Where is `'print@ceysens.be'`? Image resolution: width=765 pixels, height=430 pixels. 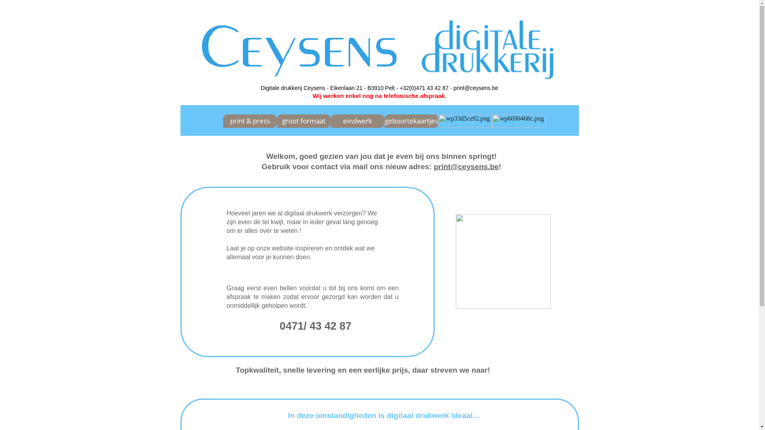 'print@ceysens.be' is located at coordinates (433, 166).